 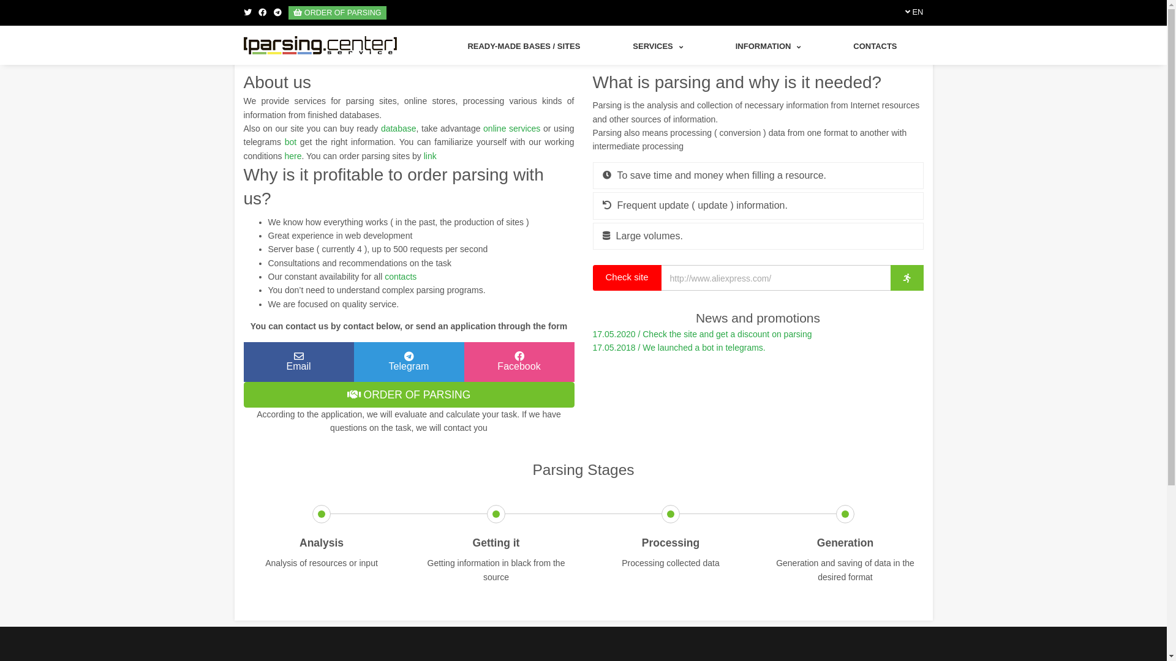 I want to click on 'READY-MADE BASES / SITES', so click(x=523, y=46).